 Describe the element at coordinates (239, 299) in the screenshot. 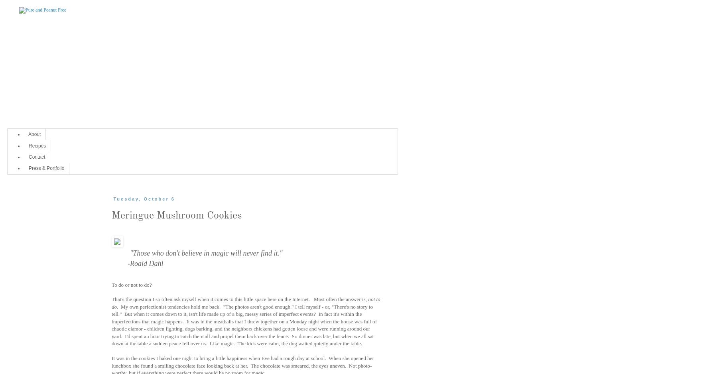

I see `'That's the question I so often ask myself when it comes to this little space here on the Internet.   Most often the answer is,'` at that location.